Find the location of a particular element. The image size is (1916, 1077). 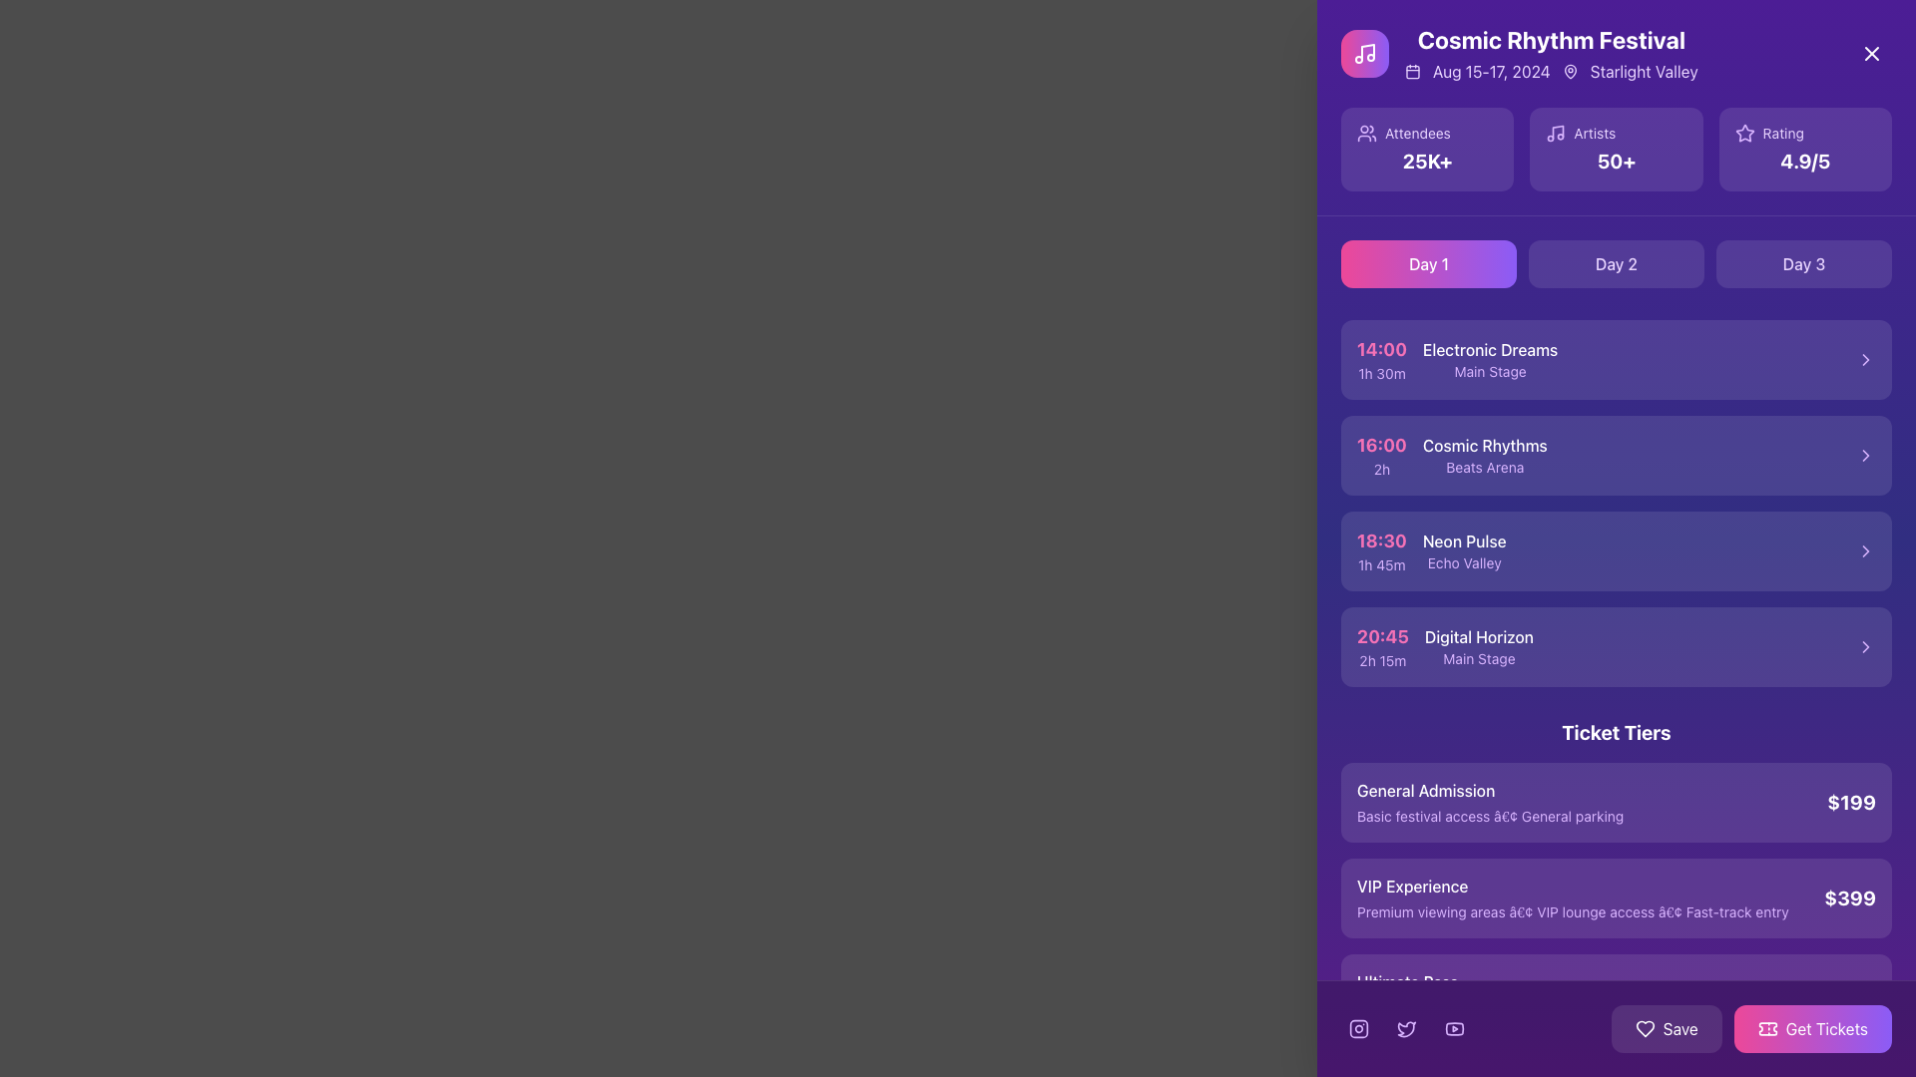

the Text Label indicating the duration of the 'Neon Pulse' event, which is located below the starting time '18:30' in the event listing on the schedule card is located at coordinates (1380, 565).